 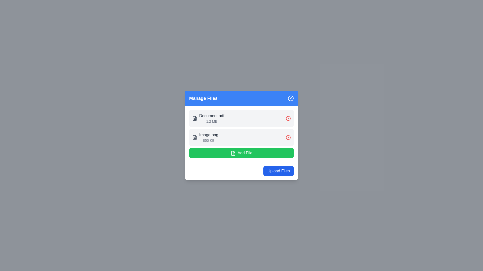 What do you see at coordinates (233, 153) in the screenshot?
I see `the icon resembling a document with a plus sign, styled with a green background, located beside the 'Add File' text within the green button labeled 'Add File' in the 'Manage Files' modal` at bounding box center [233, 153].